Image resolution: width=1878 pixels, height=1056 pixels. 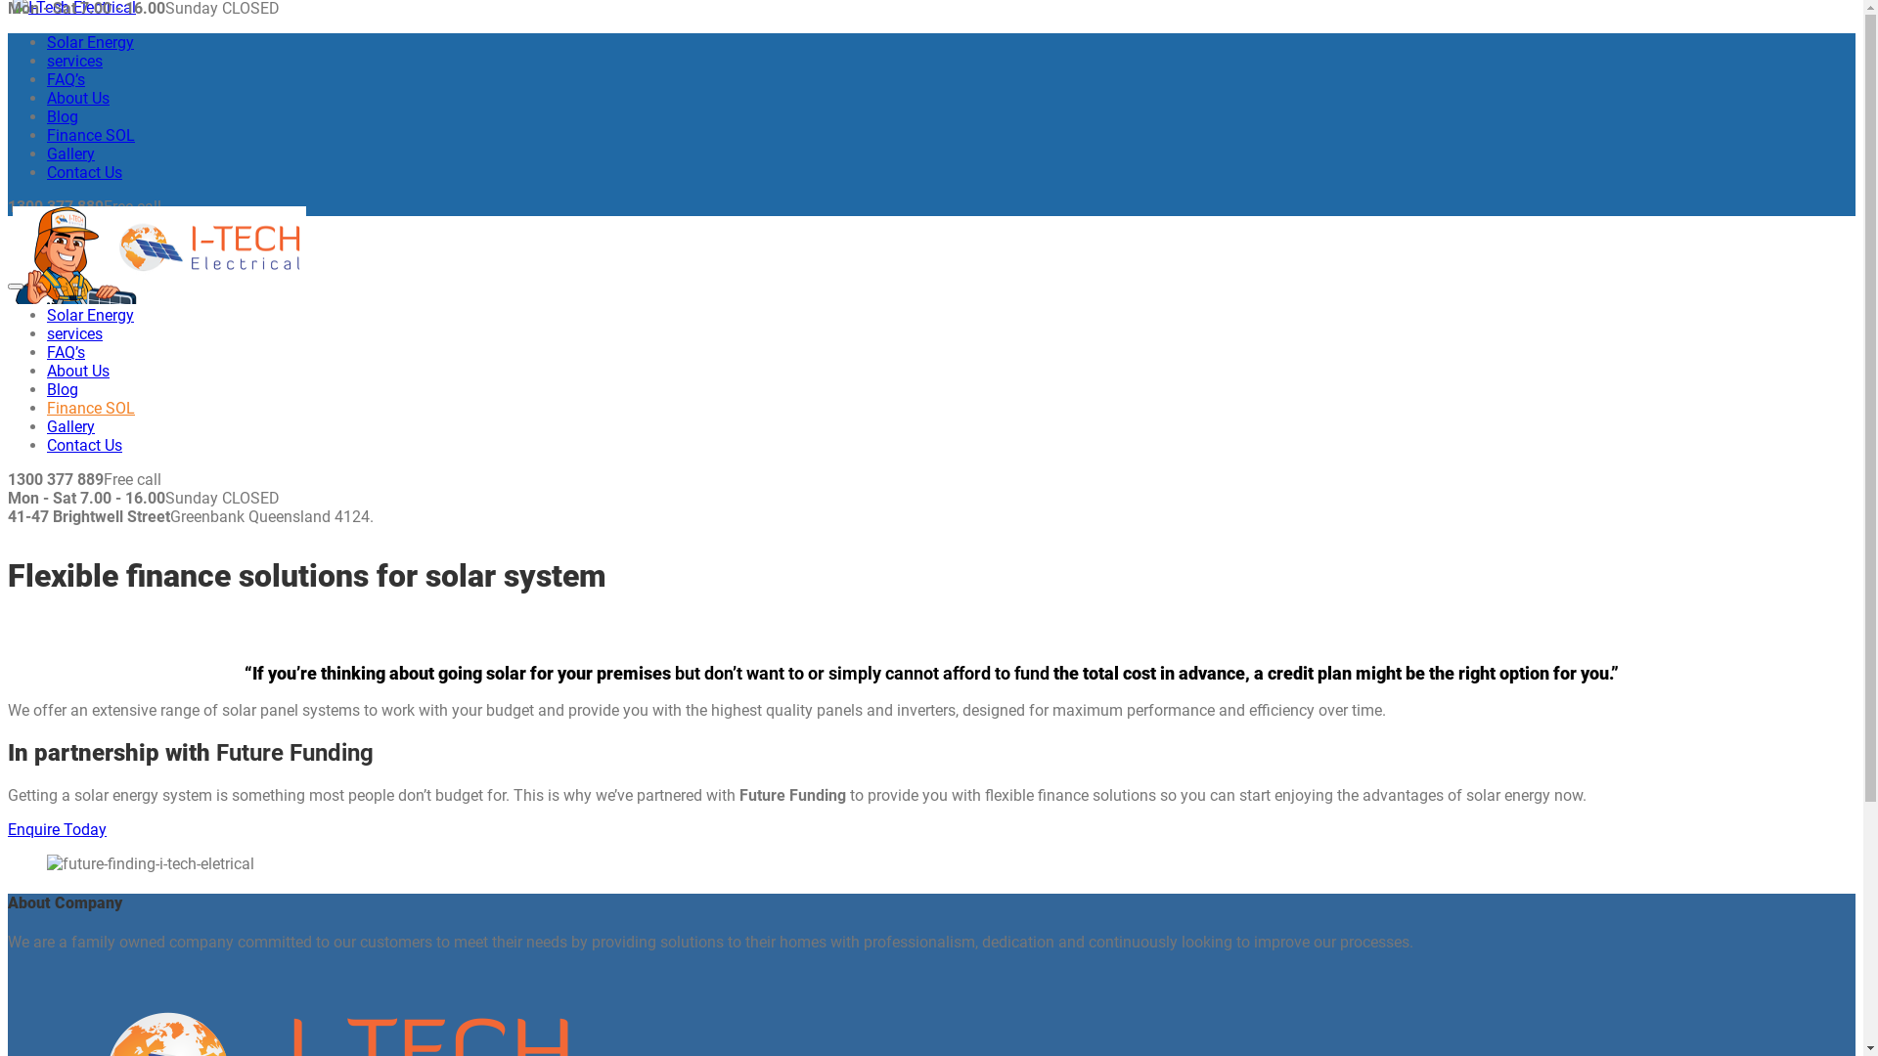 I want to click on 'Blog', so click(x=62, y=389).